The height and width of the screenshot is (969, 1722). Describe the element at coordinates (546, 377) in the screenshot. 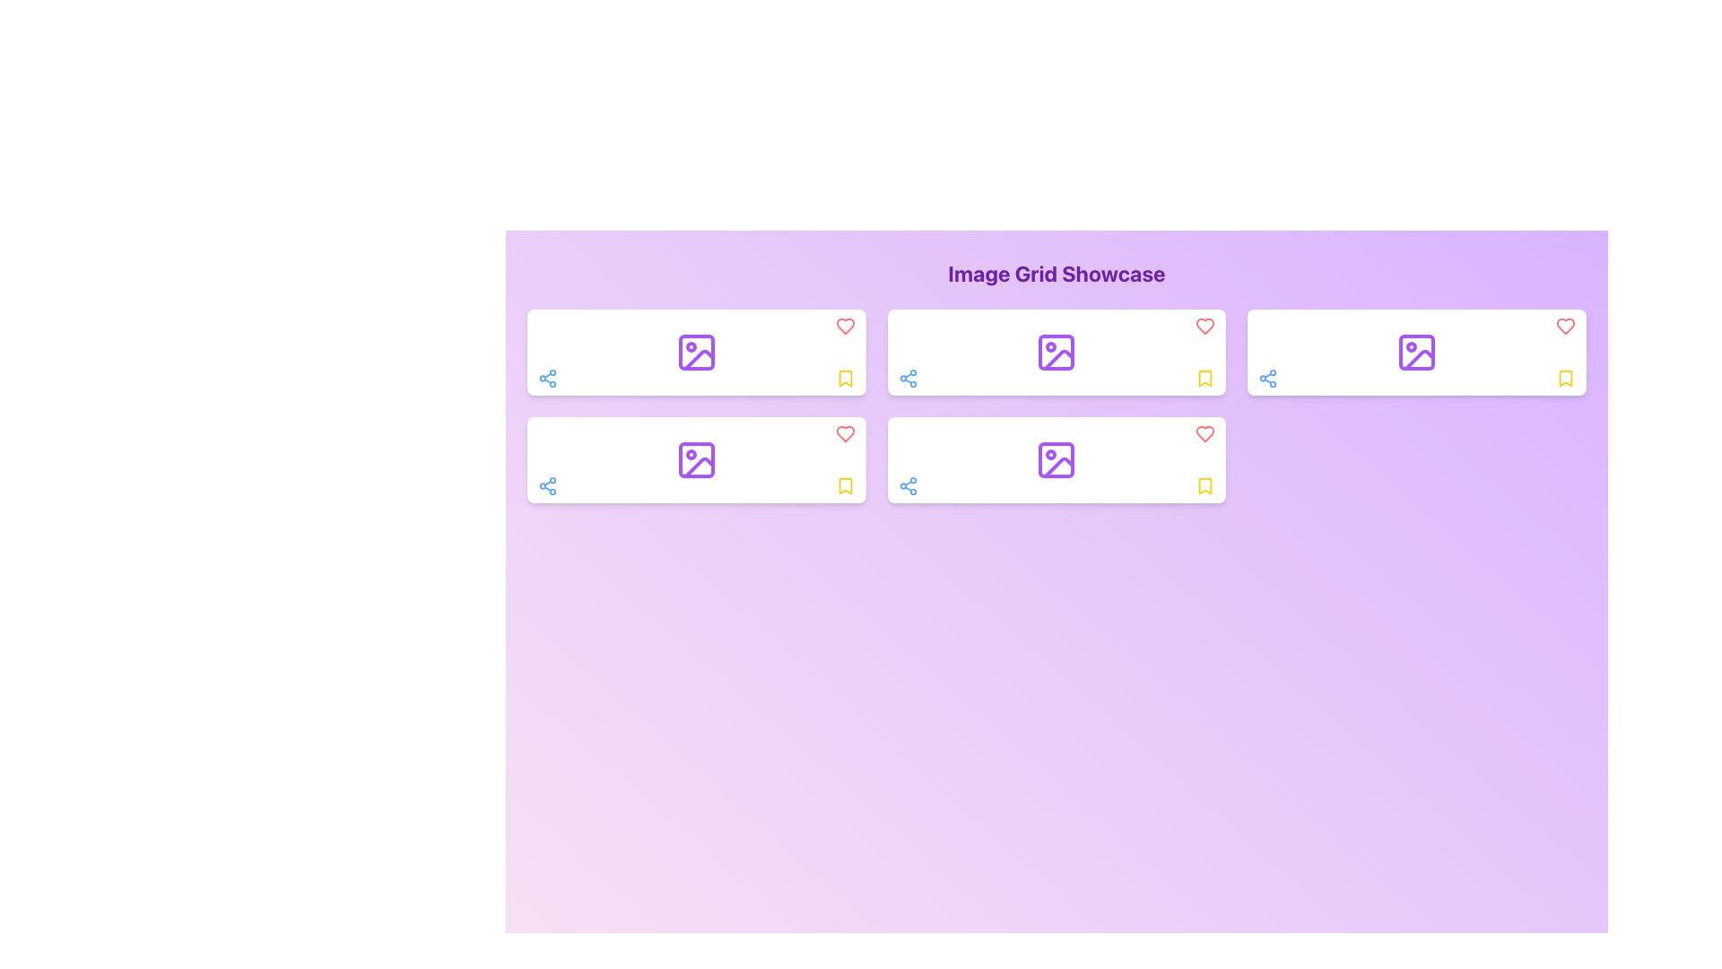

I see `the interactive share icon located at the bottom left corner of the top-left card in the grid` at that location.